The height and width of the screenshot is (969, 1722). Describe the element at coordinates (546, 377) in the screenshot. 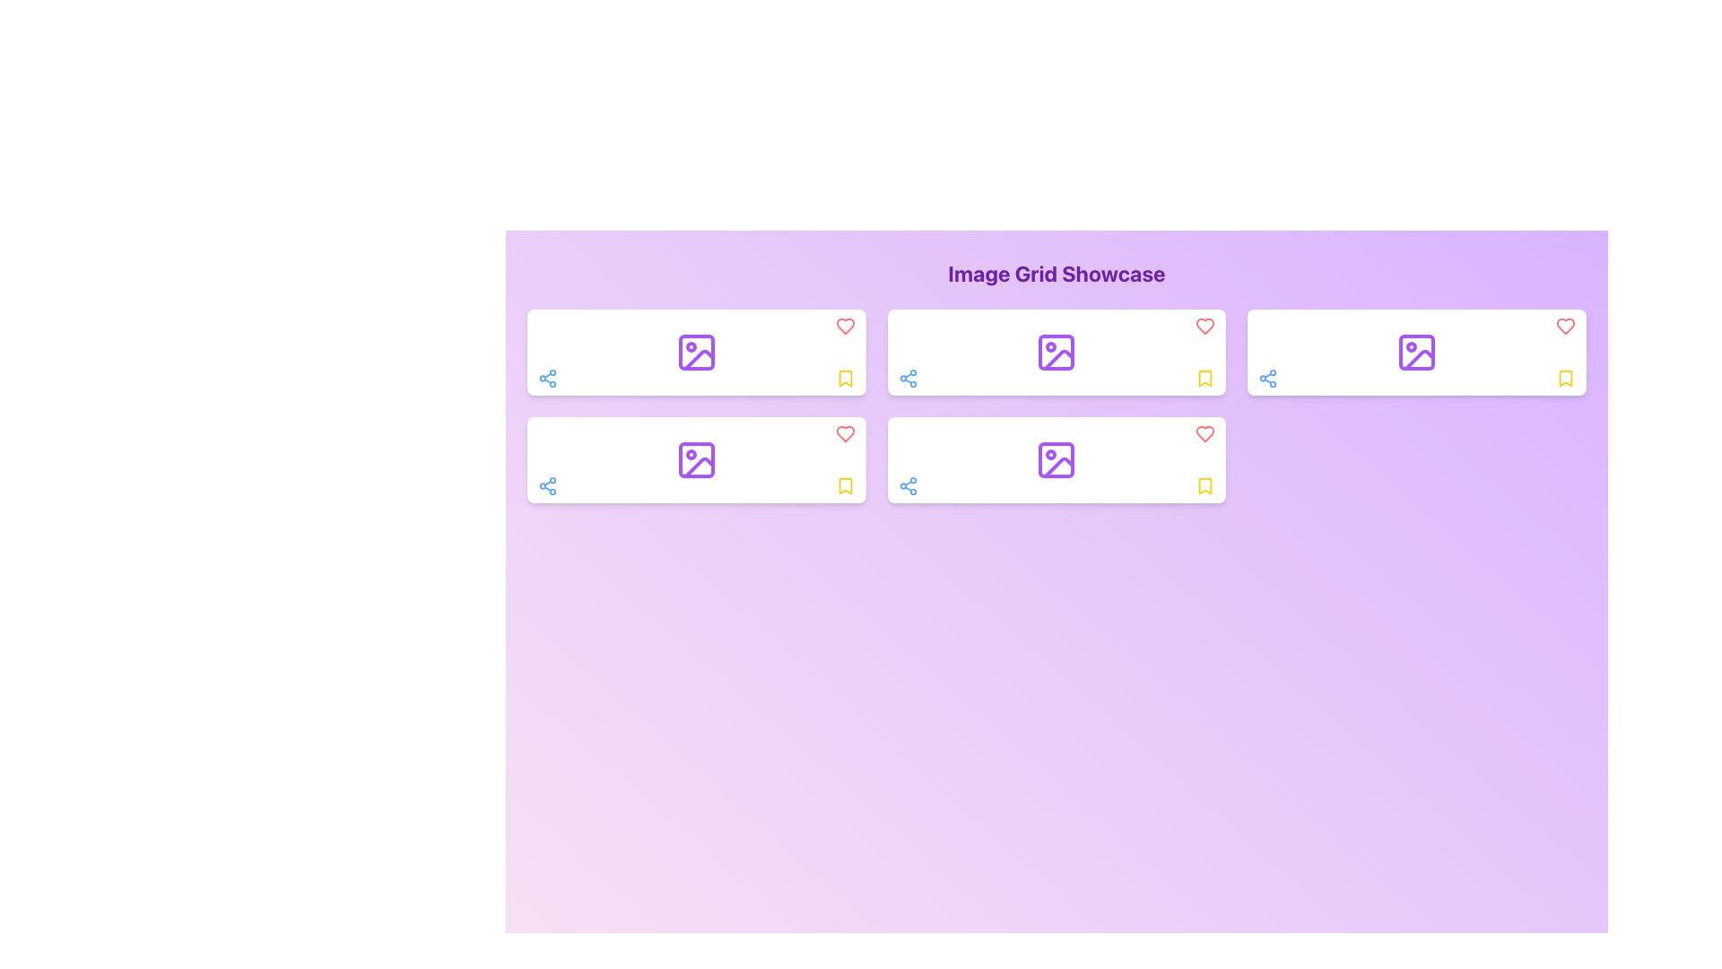

I see `the interactive share icon located at the bottom left corner of the top-left card in the grid` at that location.